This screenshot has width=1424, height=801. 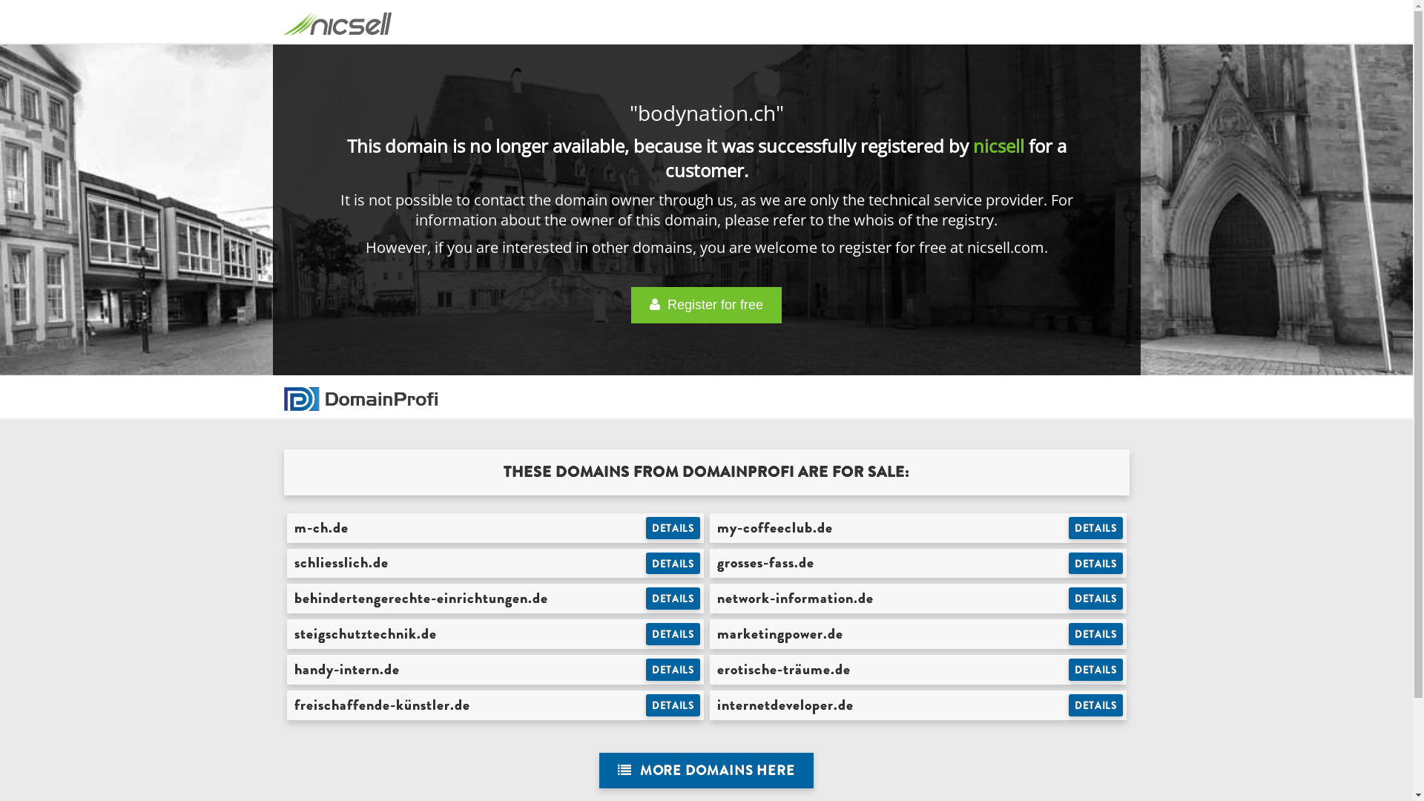 I want to click on 'DETAILS', so click(x=672, y=527).